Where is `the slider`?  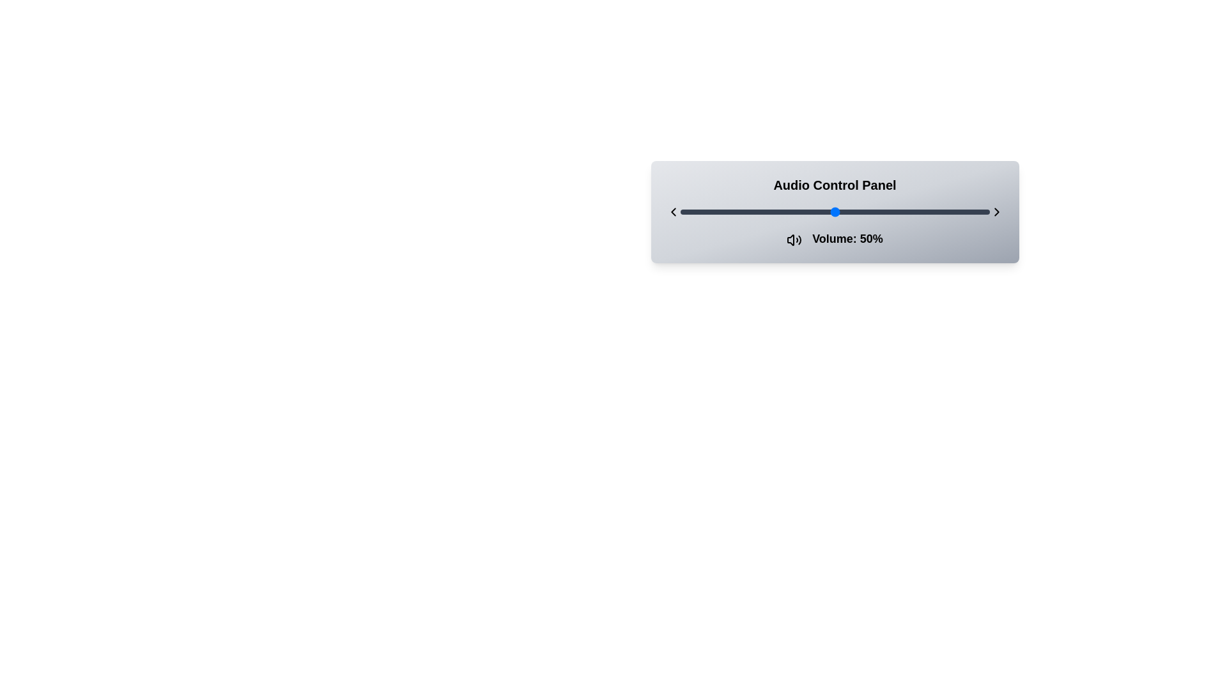 the slider is located at coordinates (955, 211).